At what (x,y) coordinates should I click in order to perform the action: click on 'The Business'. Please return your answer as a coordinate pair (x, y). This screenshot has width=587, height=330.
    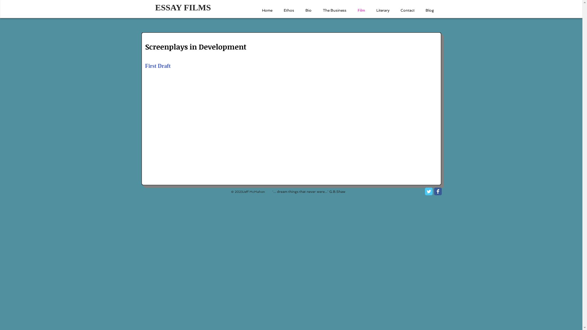
    Looking at the image, I should click on (334, 10).